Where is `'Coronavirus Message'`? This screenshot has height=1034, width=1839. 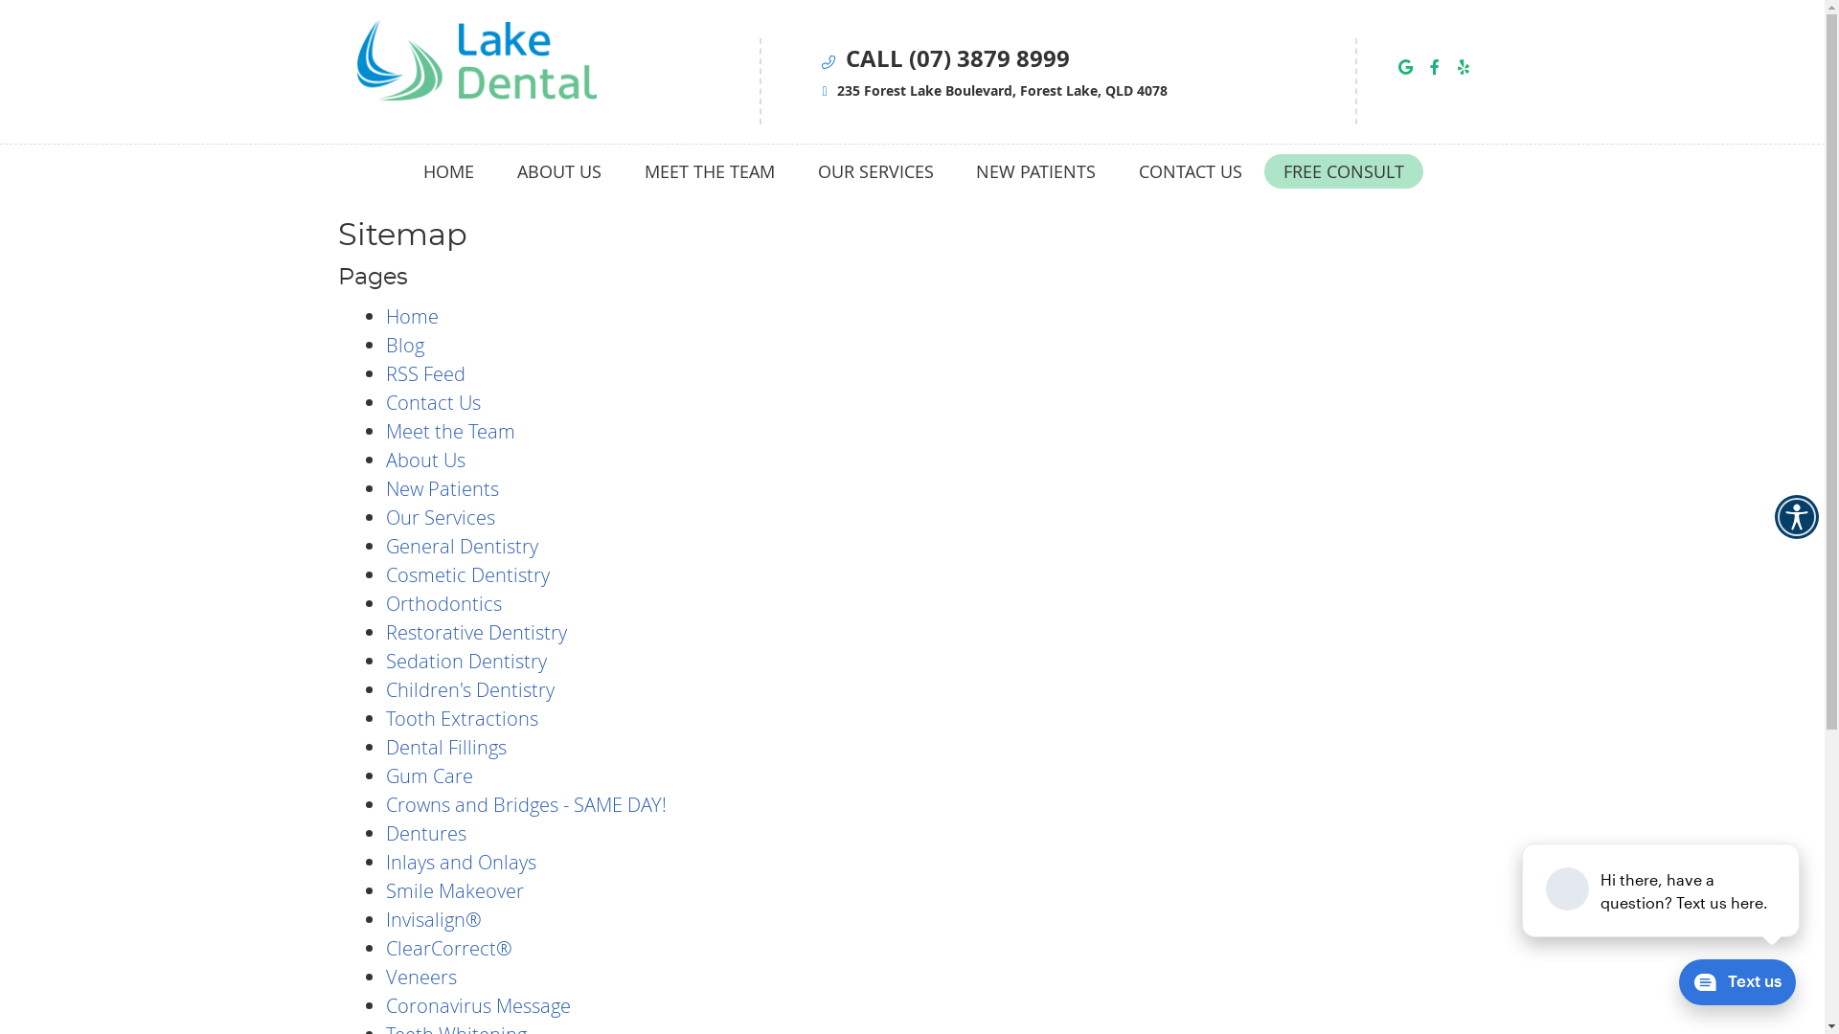
'Coronavirus Message' is located at coordinates (477, 1004).